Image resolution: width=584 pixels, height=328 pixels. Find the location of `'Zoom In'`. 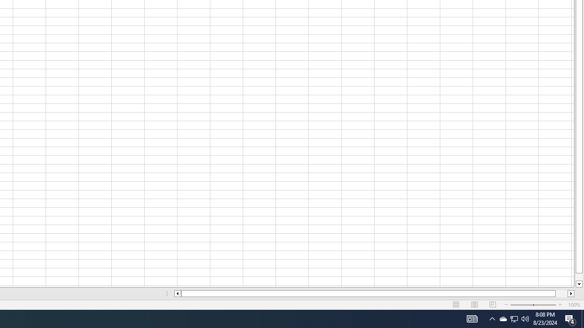

'Zoom In' is located at coordinates (559, 305).